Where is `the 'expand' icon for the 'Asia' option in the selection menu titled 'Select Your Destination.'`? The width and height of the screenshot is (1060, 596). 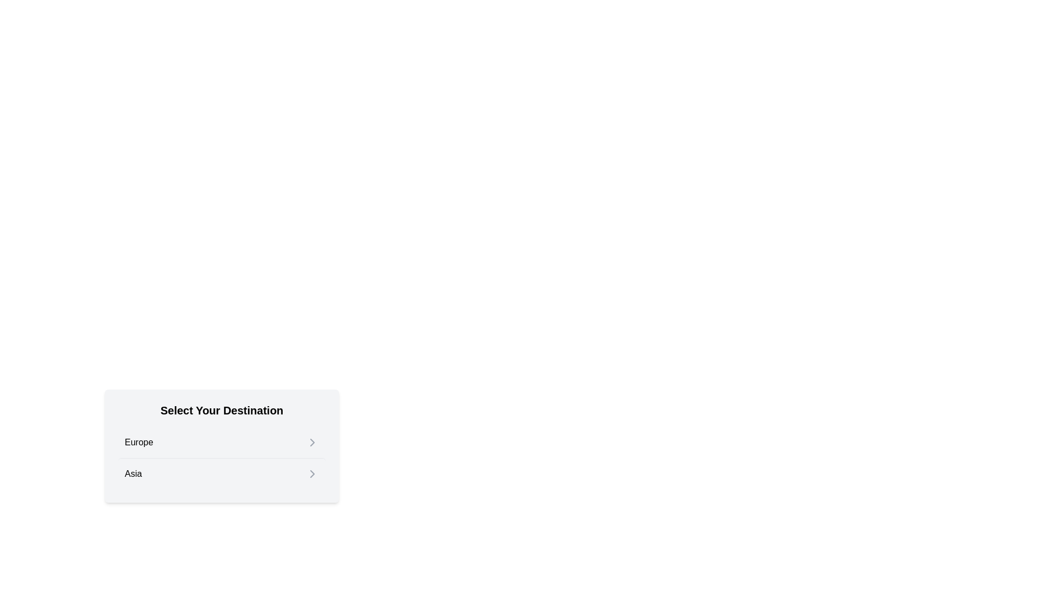
the 'expand' icon for the 'Asia' option in the selection menu titled 'Select Your Destination.' is located at coordinates (312, 473).